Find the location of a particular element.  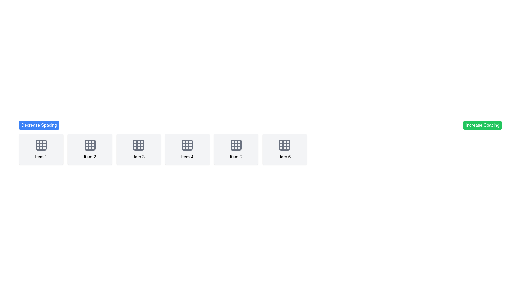

the 'Item 6' card, which is a rounded rectangle with a gray background and a grid icon is located at coordinates (284, 149).